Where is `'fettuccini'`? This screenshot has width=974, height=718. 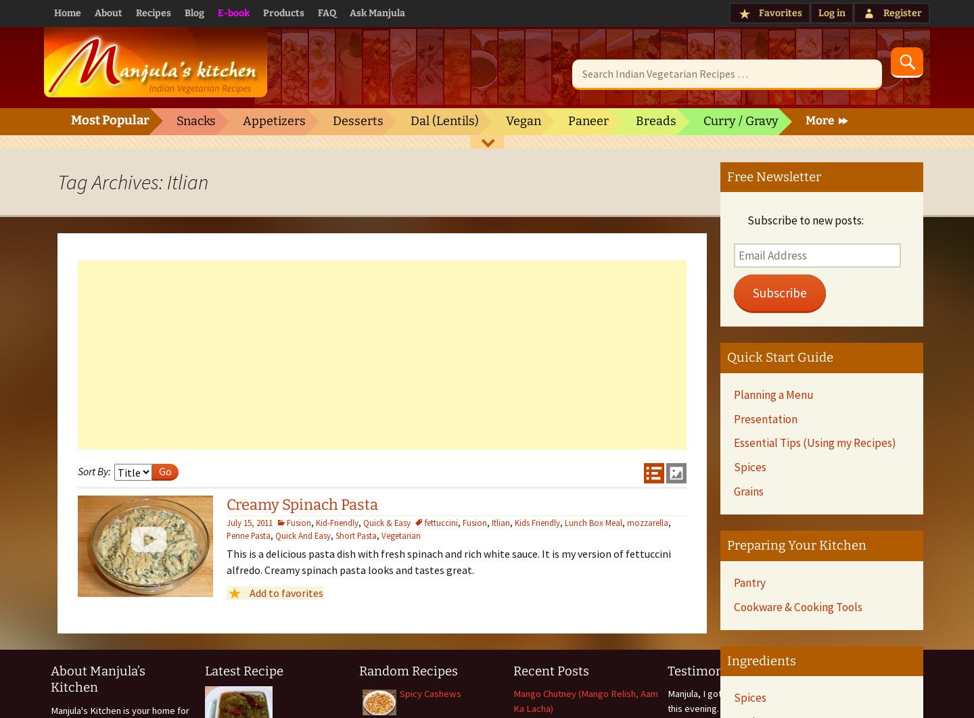
'fettuccini' is located at coordinates (440, 521).